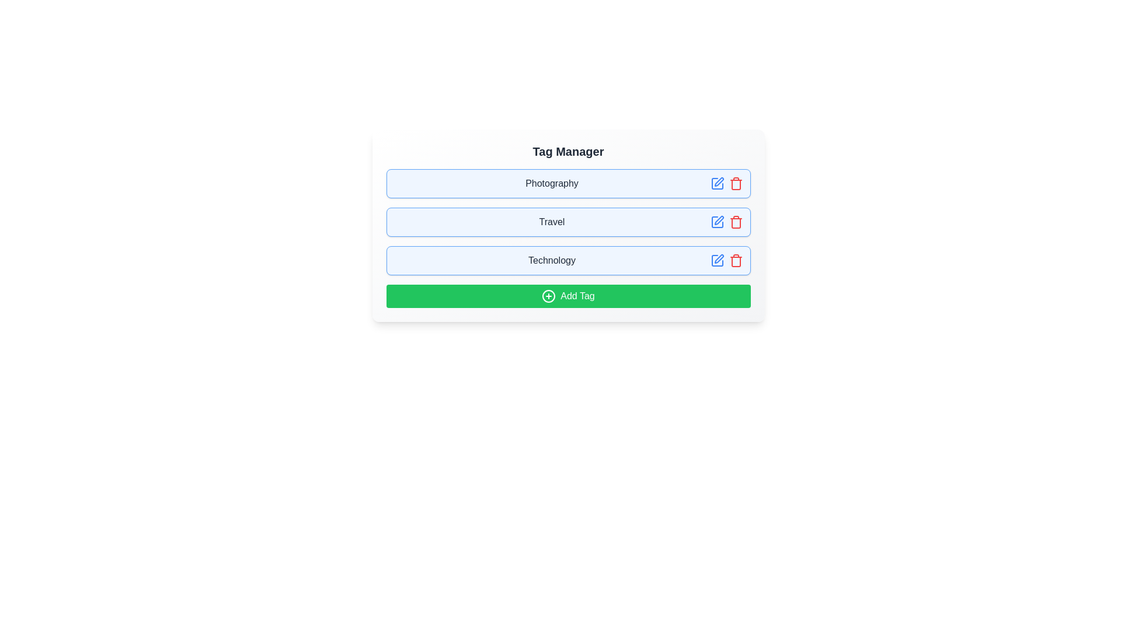 The image size is (1121, 630). What do you see at coordinates (716, 222) in the screenshot?
I see `edit icon for the tag labeled Travel` at bounding box center [716, 222].